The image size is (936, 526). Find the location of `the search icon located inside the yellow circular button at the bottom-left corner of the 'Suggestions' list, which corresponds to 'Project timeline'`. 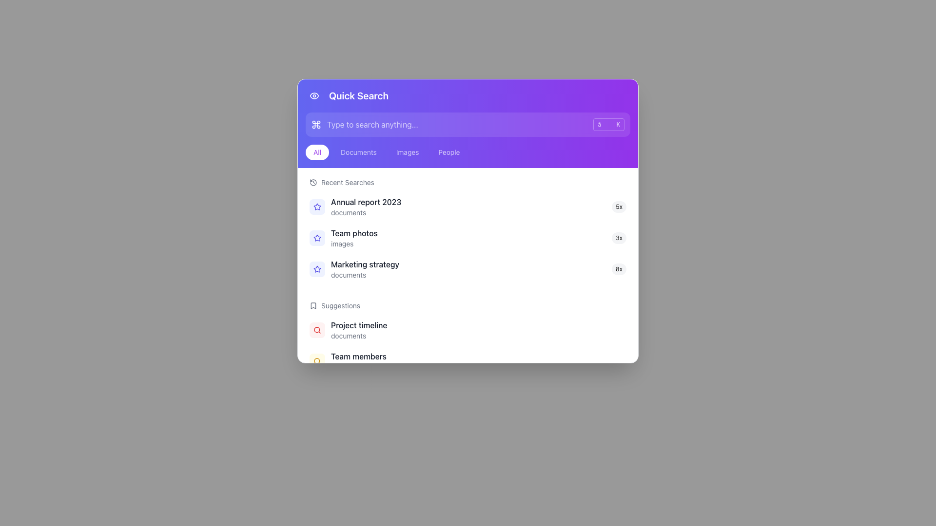

the search icon located inside the yellow circular button at the bottom-left corner of the 'Suggestions' list, which corresponds to 'Project timeline' is located at coordinates (317, 361).